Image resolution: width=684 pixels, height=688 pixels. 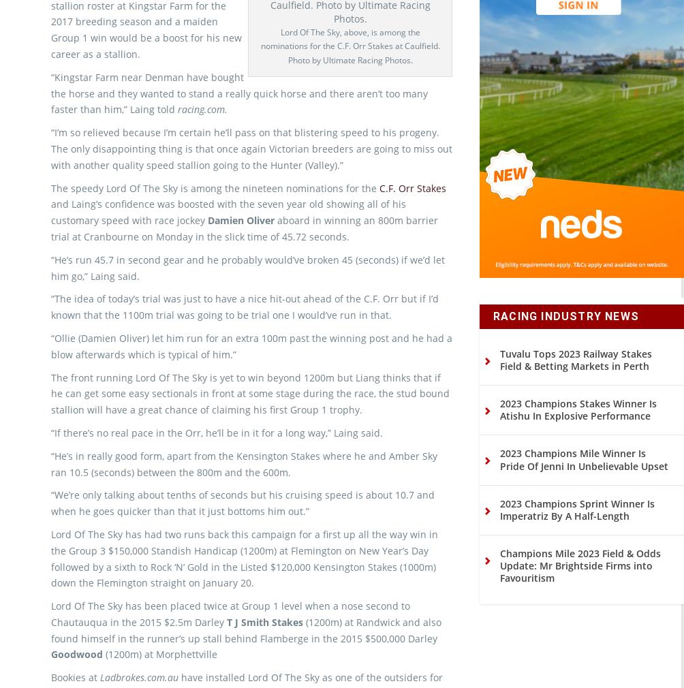 I want to click on 'and Laing’s confidence was boosted with the seven year old showing all of his customary speed with race jockey', so click(x=228, y=235).